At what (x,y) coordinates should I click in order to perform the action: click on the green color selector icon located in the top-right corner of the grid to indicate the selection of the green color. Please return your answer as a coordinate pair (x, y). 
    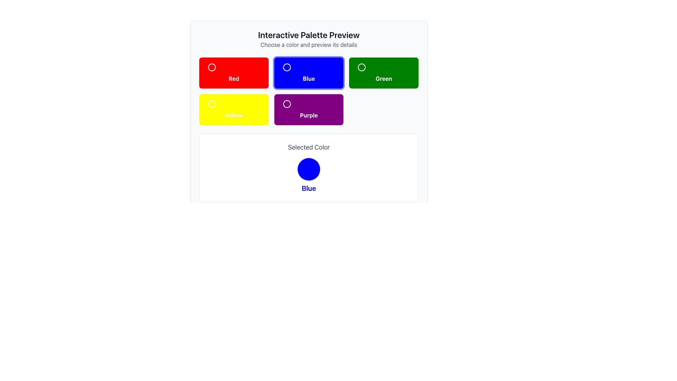
    Looking at the image, I should click on (362, 67).